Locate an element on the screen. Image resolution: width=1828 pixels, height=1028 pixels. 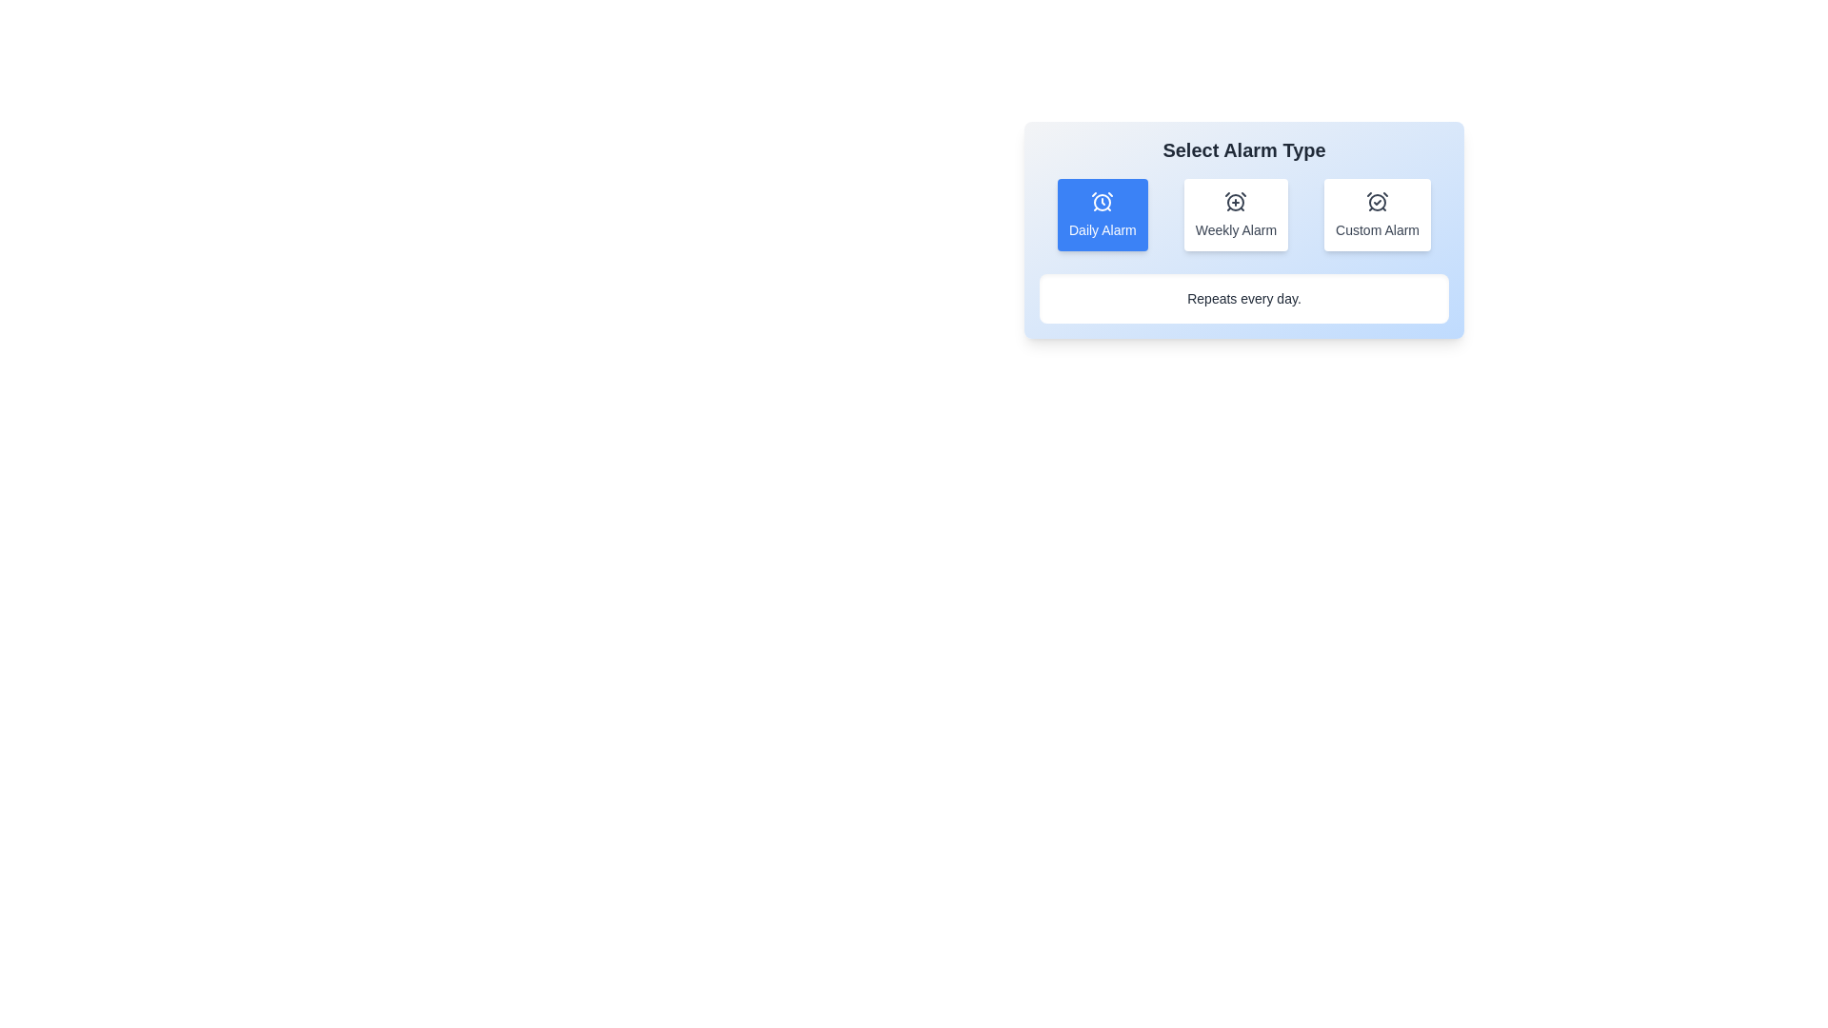
the alarm type Custom Alarm by clicking on the corresponding button is located at coordinates (1377, 214).